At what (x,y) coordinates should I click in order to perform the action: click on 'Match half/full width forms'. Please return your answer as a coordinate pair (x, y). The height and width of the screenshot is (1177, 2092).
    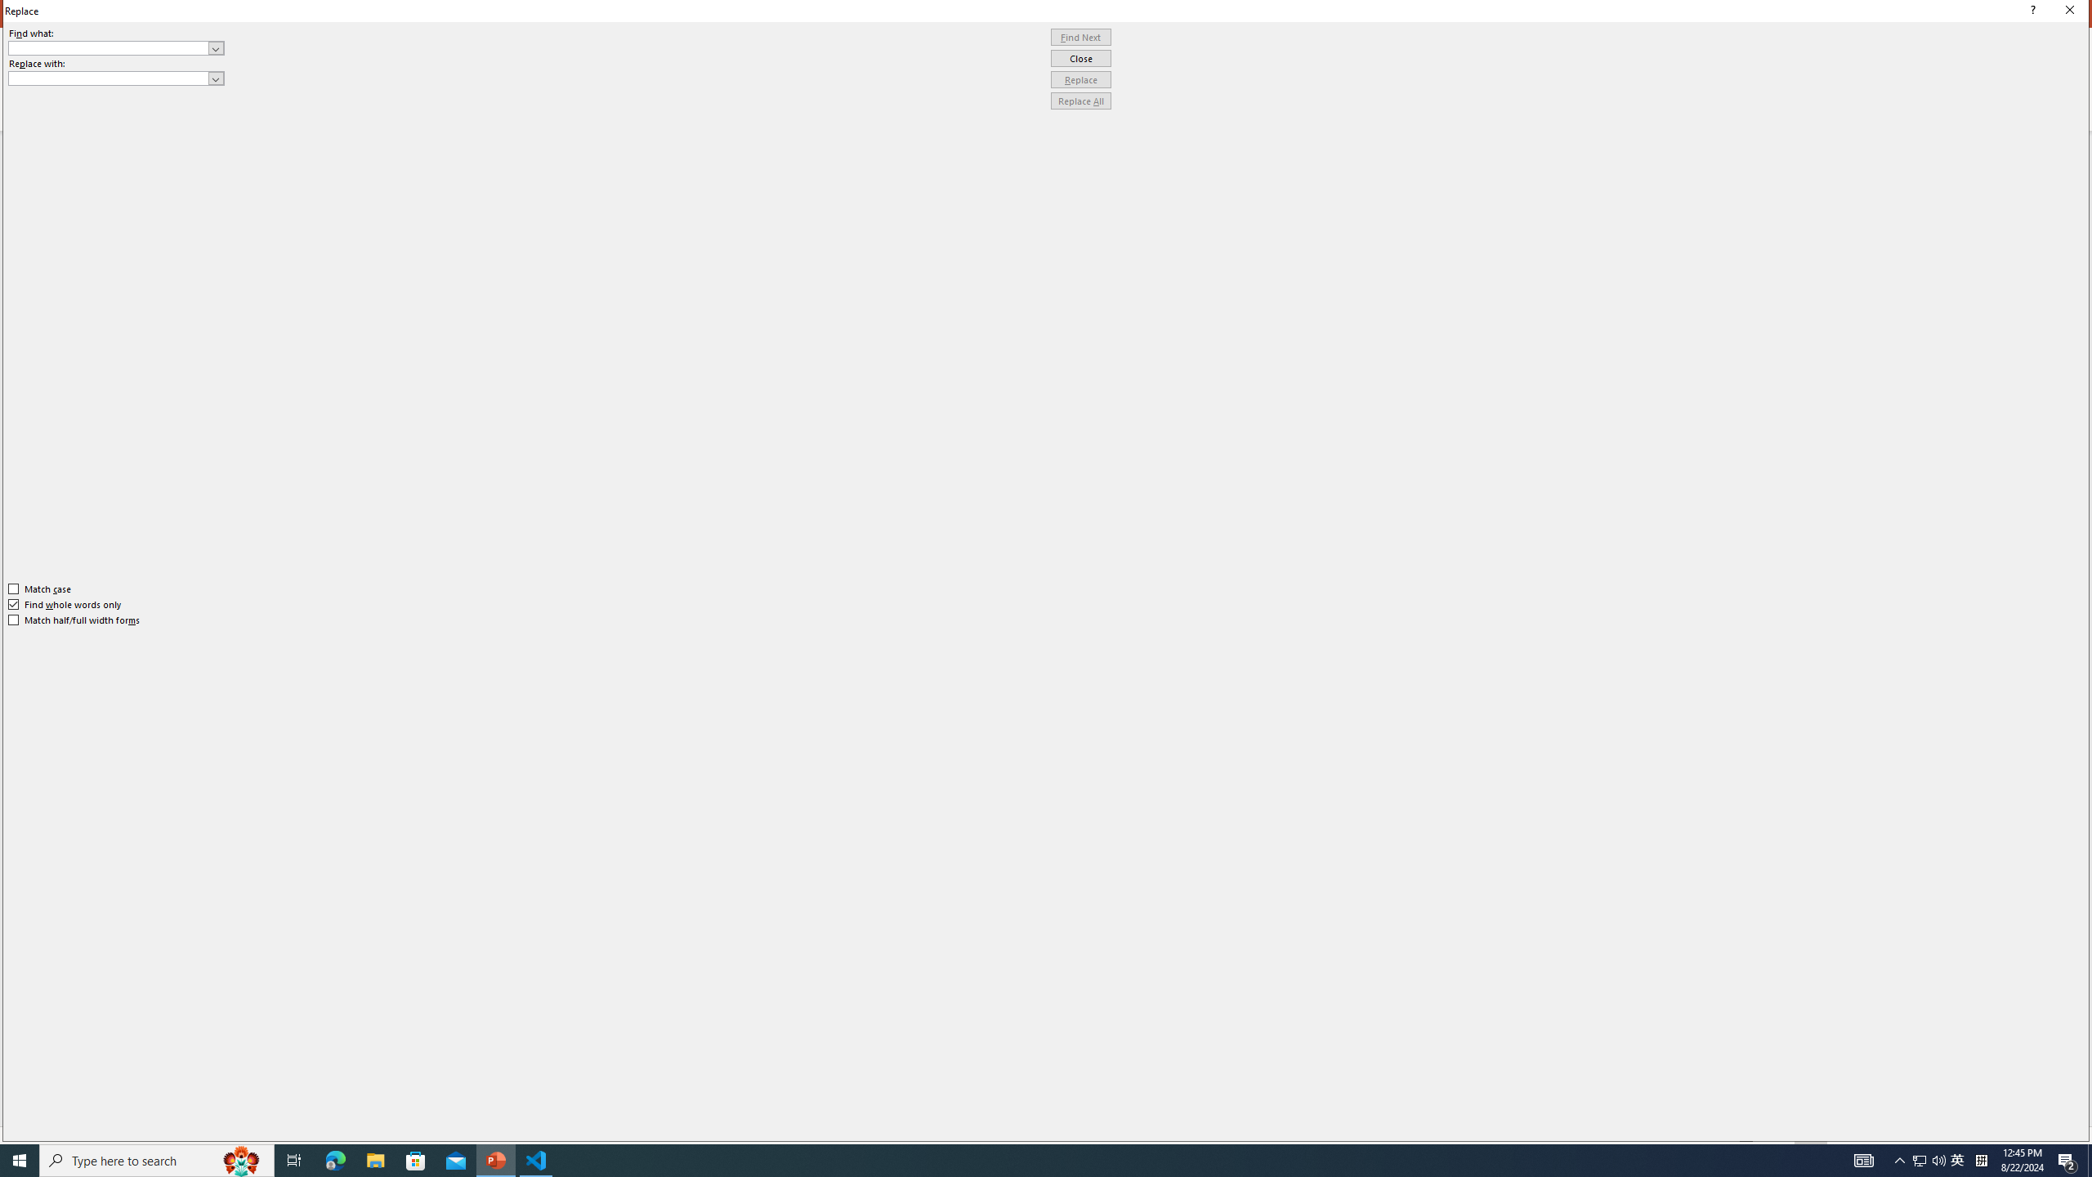
    Looking at the image, I should click on (74, 620).